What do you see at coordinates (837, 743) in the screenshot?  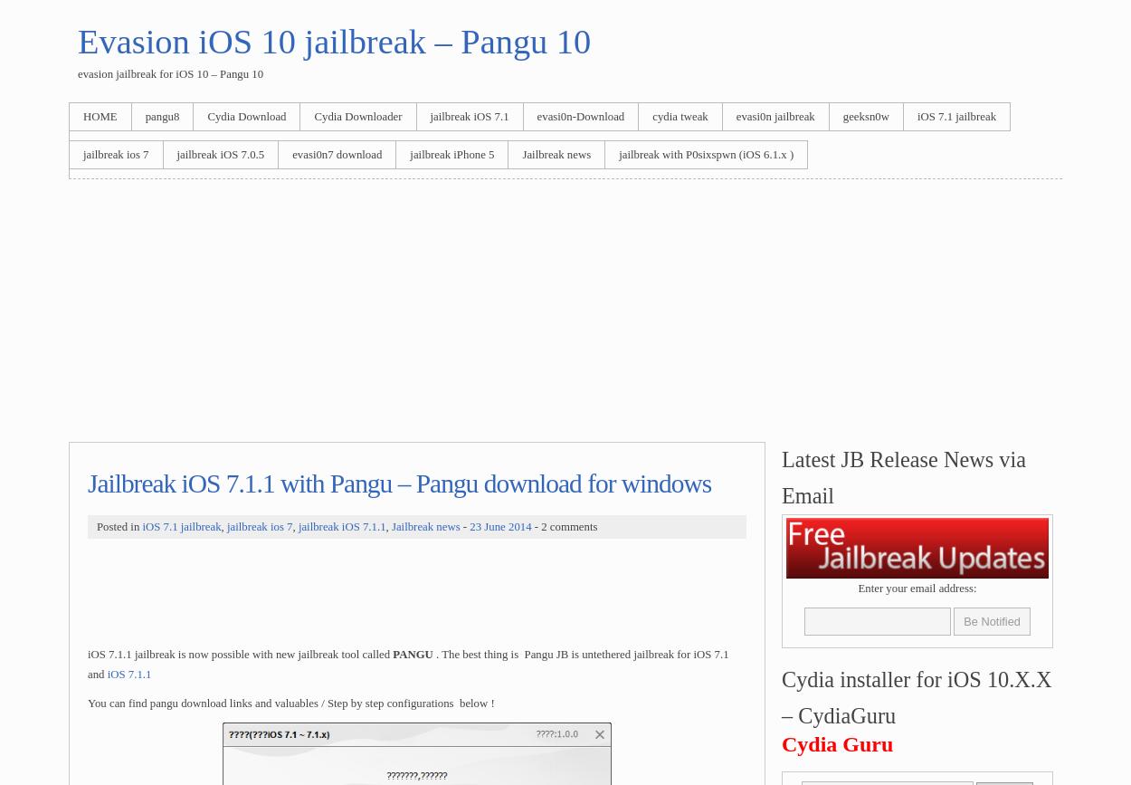 I see `'Cydia Guru'` at bounding box center [837, 743].